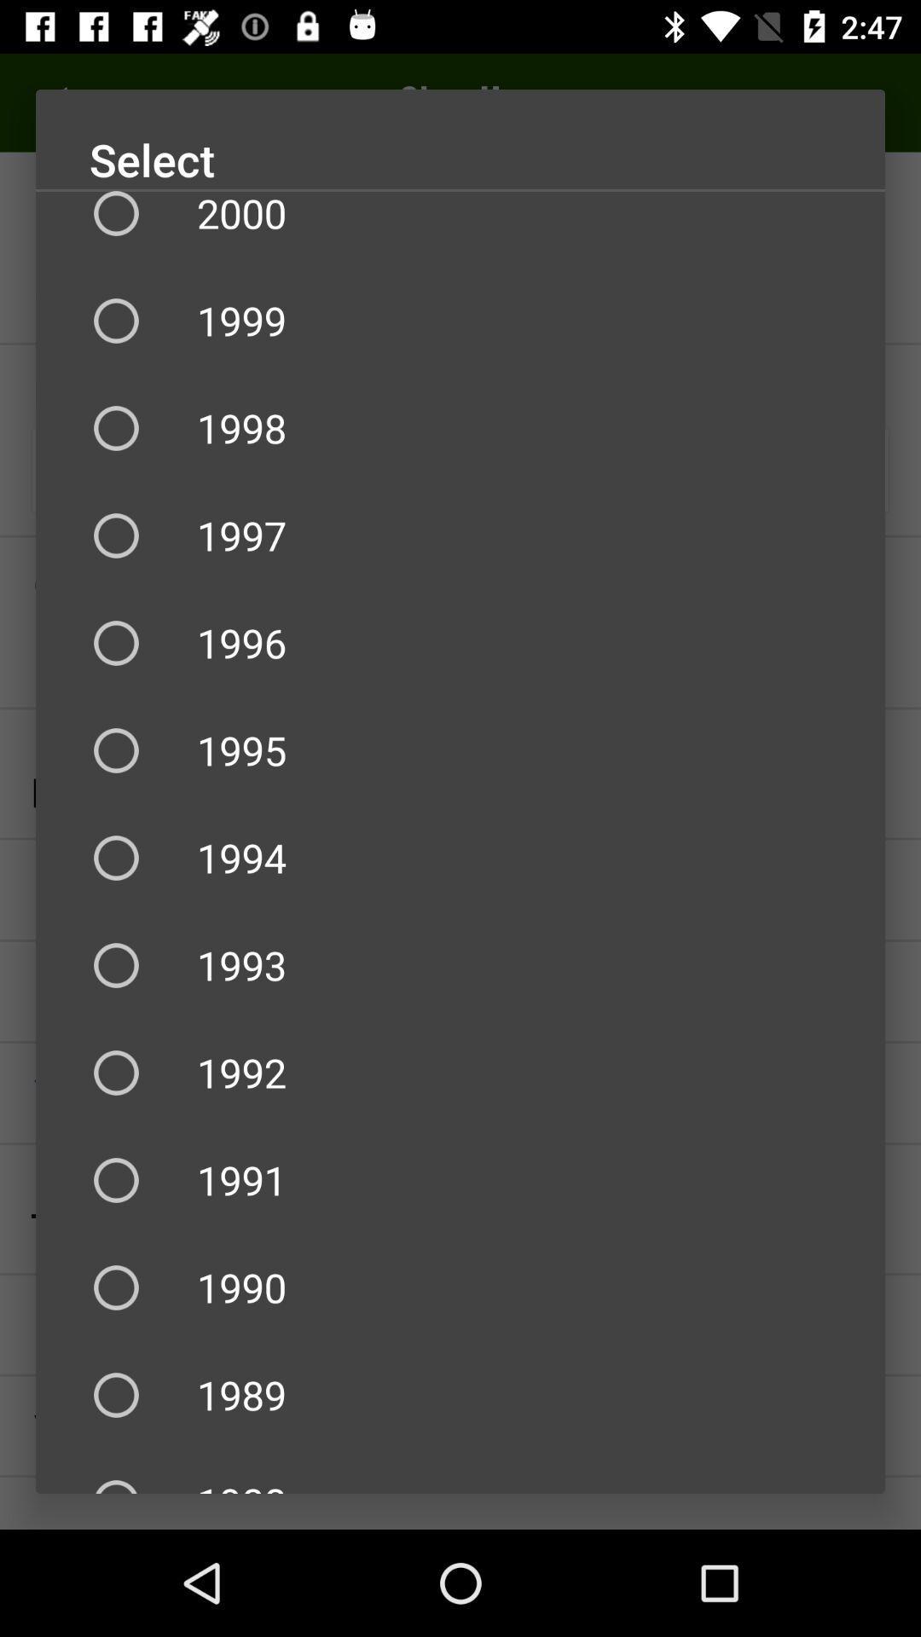 The height and width of the screenshot is (1637, 921). What do you see at coordinates (460, 321) in the screenshot?
I see `the item above 1998` at bounding box center [460, 321].